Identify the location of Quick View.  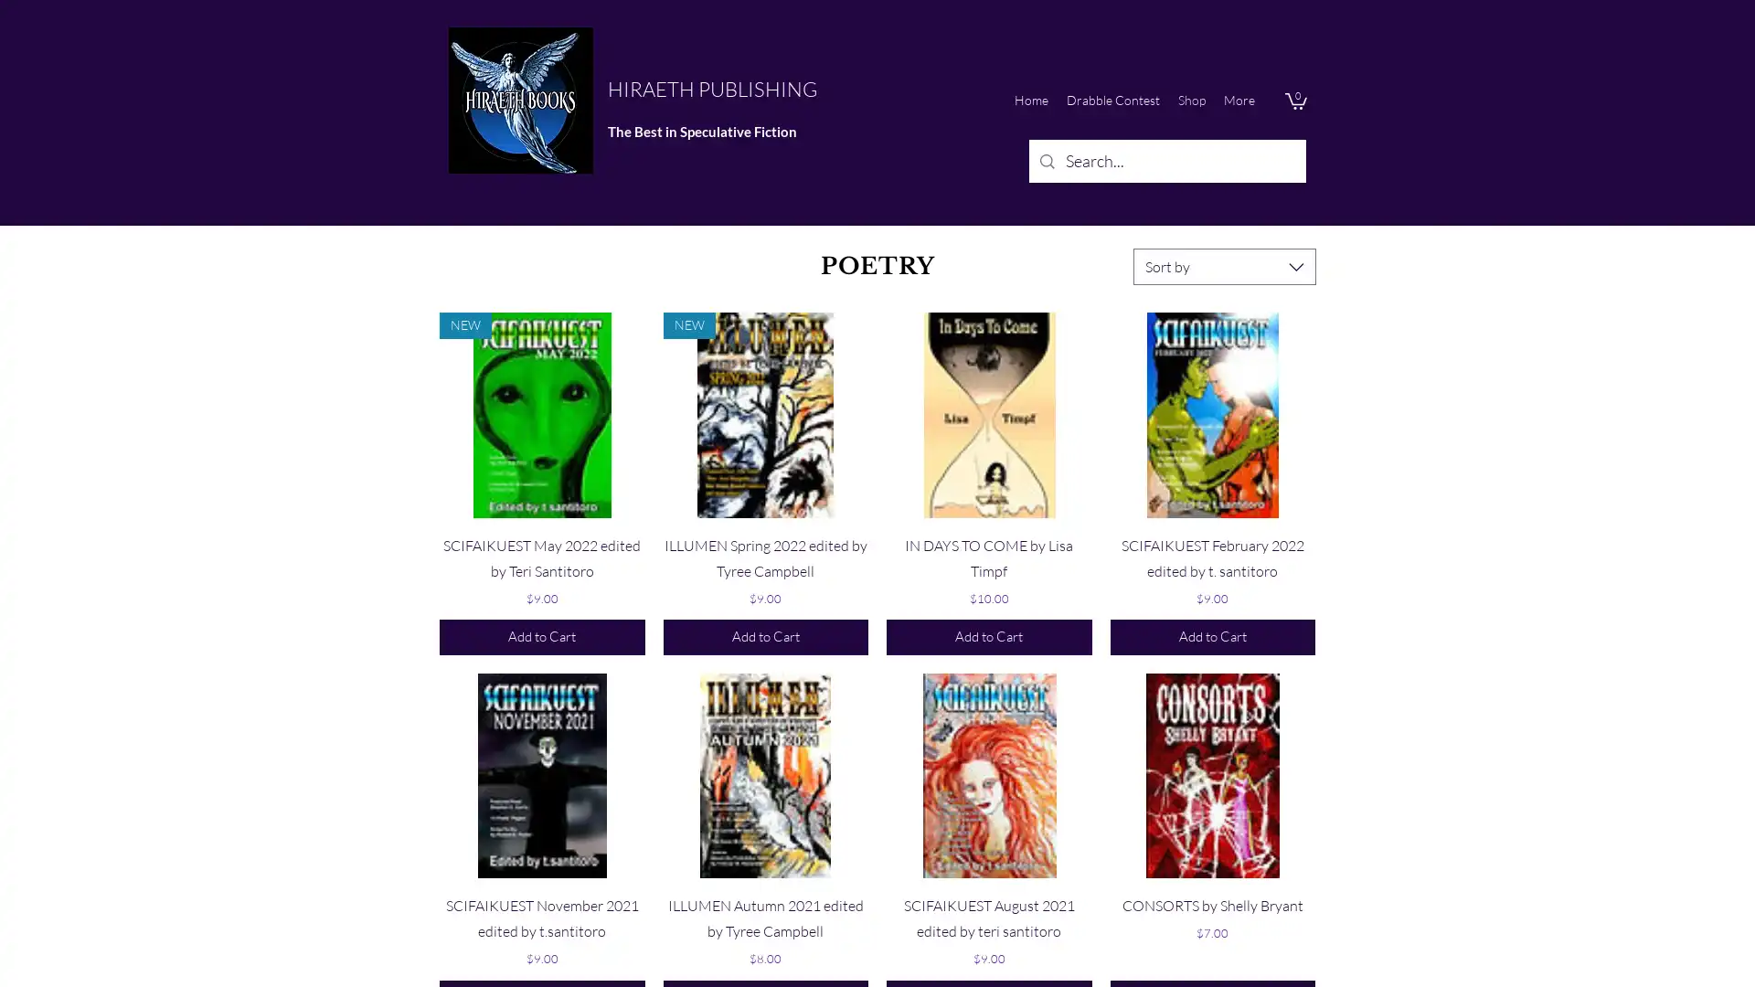
(541, 900).